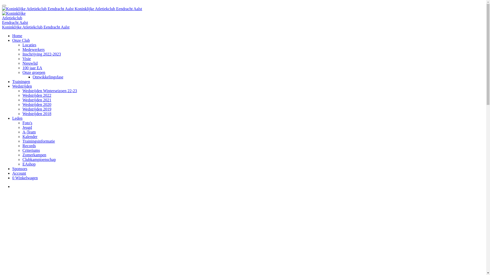  I want to click on 'Wedstrijden 2022', so click(36, 95).